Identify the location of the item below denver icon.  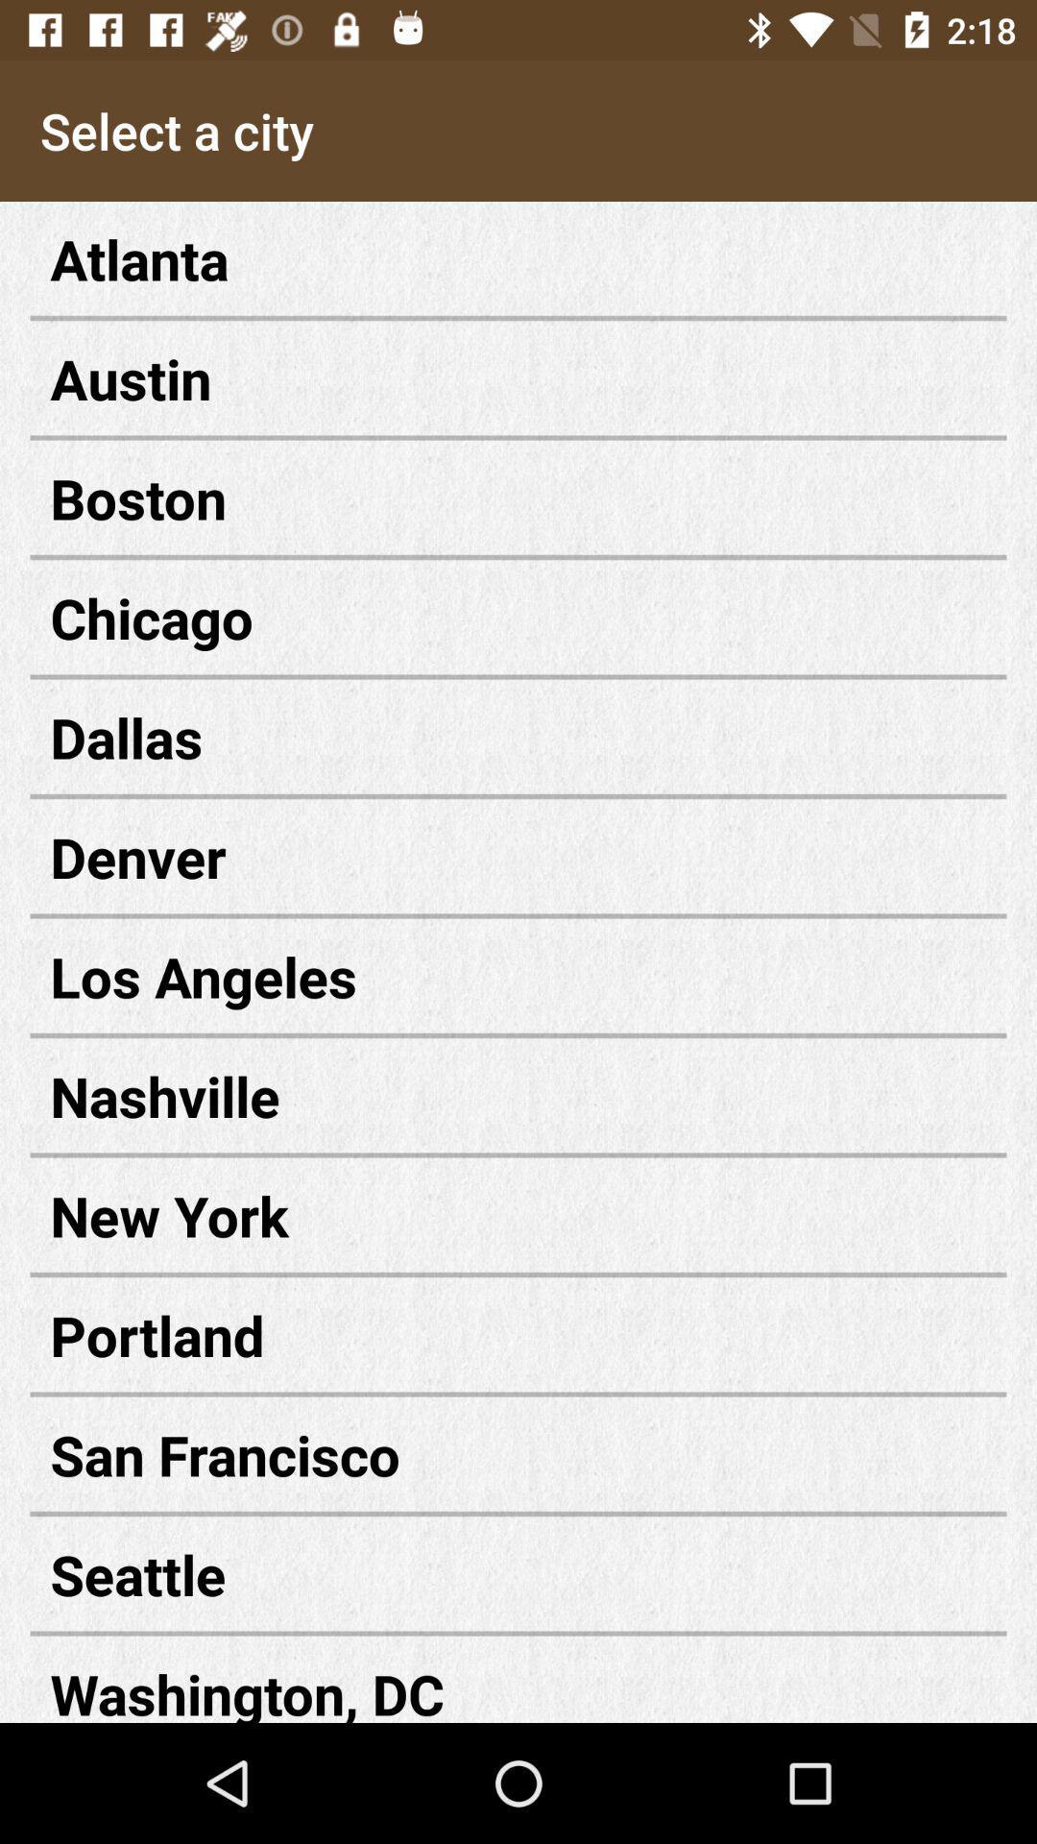
(518, 976).